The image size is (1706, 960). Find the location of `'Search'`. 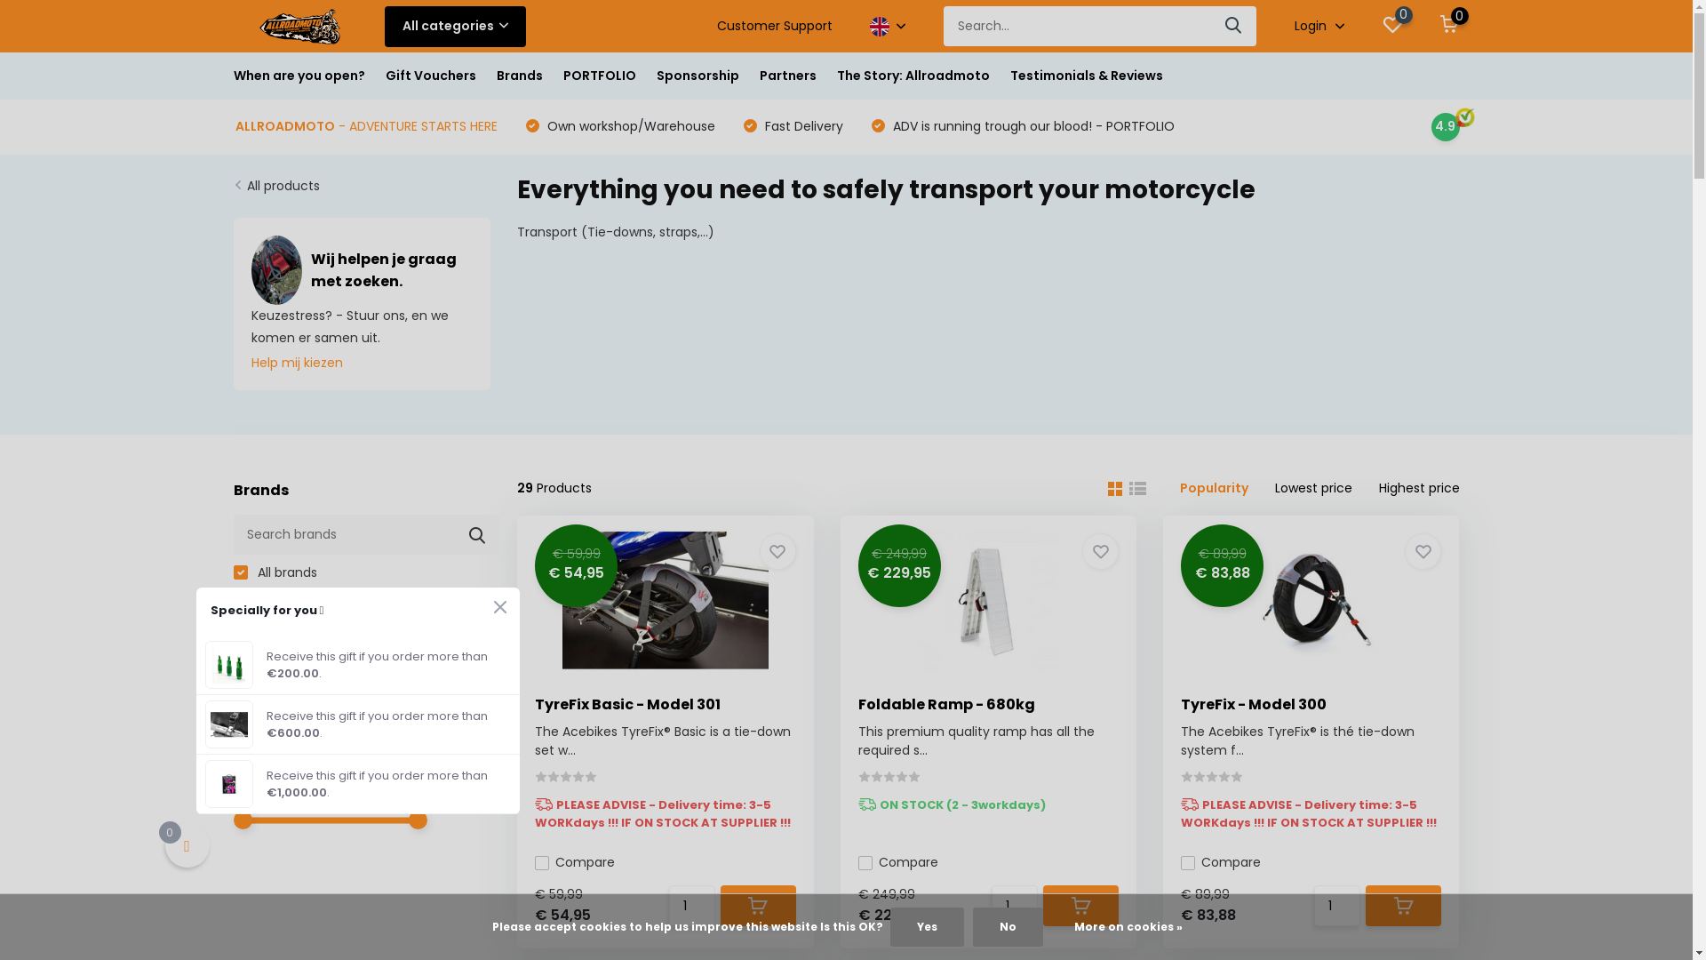

'Search' is located at coordinates (1232, 26).